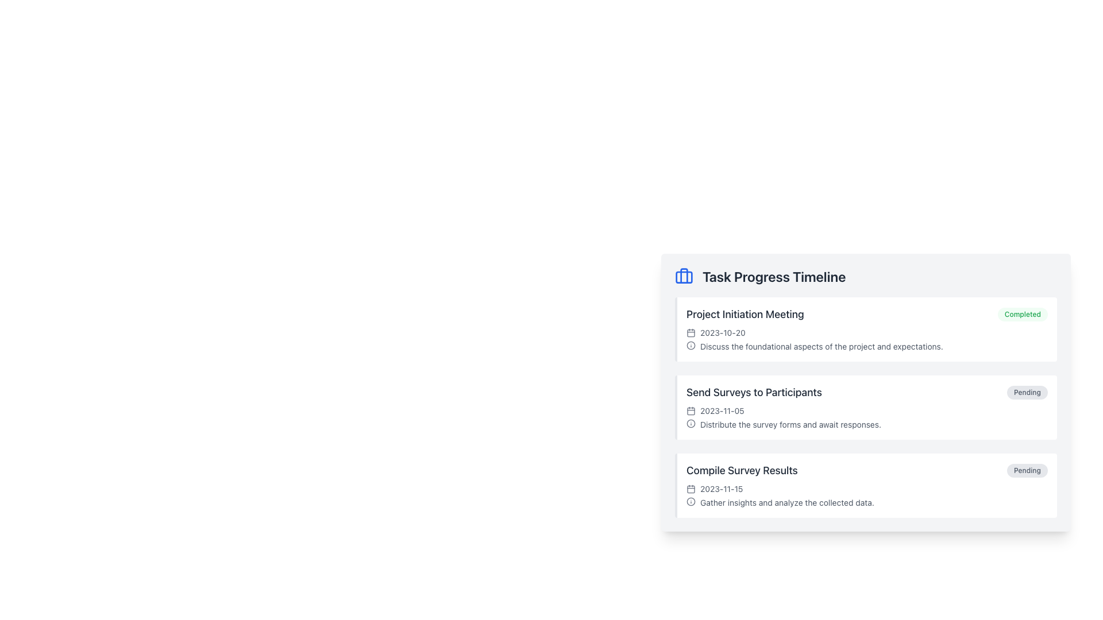 Image resolution: width=1103 pixels, height=620 pixels. Describe the element at coordinates (745, 314) in the screenshot. I see `the headline text labeled 'Project Initiation Meeting' to change its color from gray to blue` at that location.